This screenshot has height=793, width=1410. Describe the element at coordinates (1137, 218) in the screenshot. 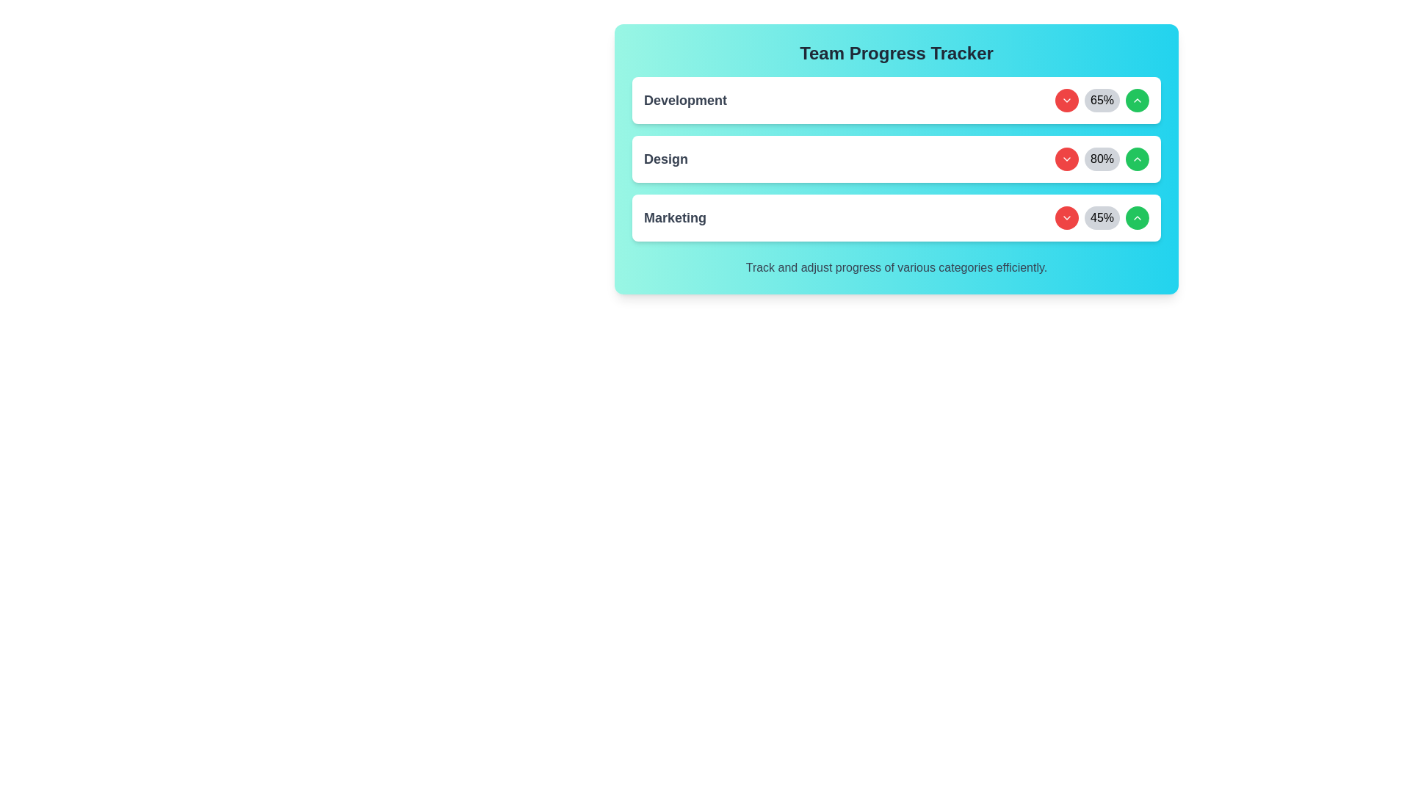

I see `the upward-pointing chevron icon located in the top-right corner of the green circular button on the progress tracker interface` at that location.